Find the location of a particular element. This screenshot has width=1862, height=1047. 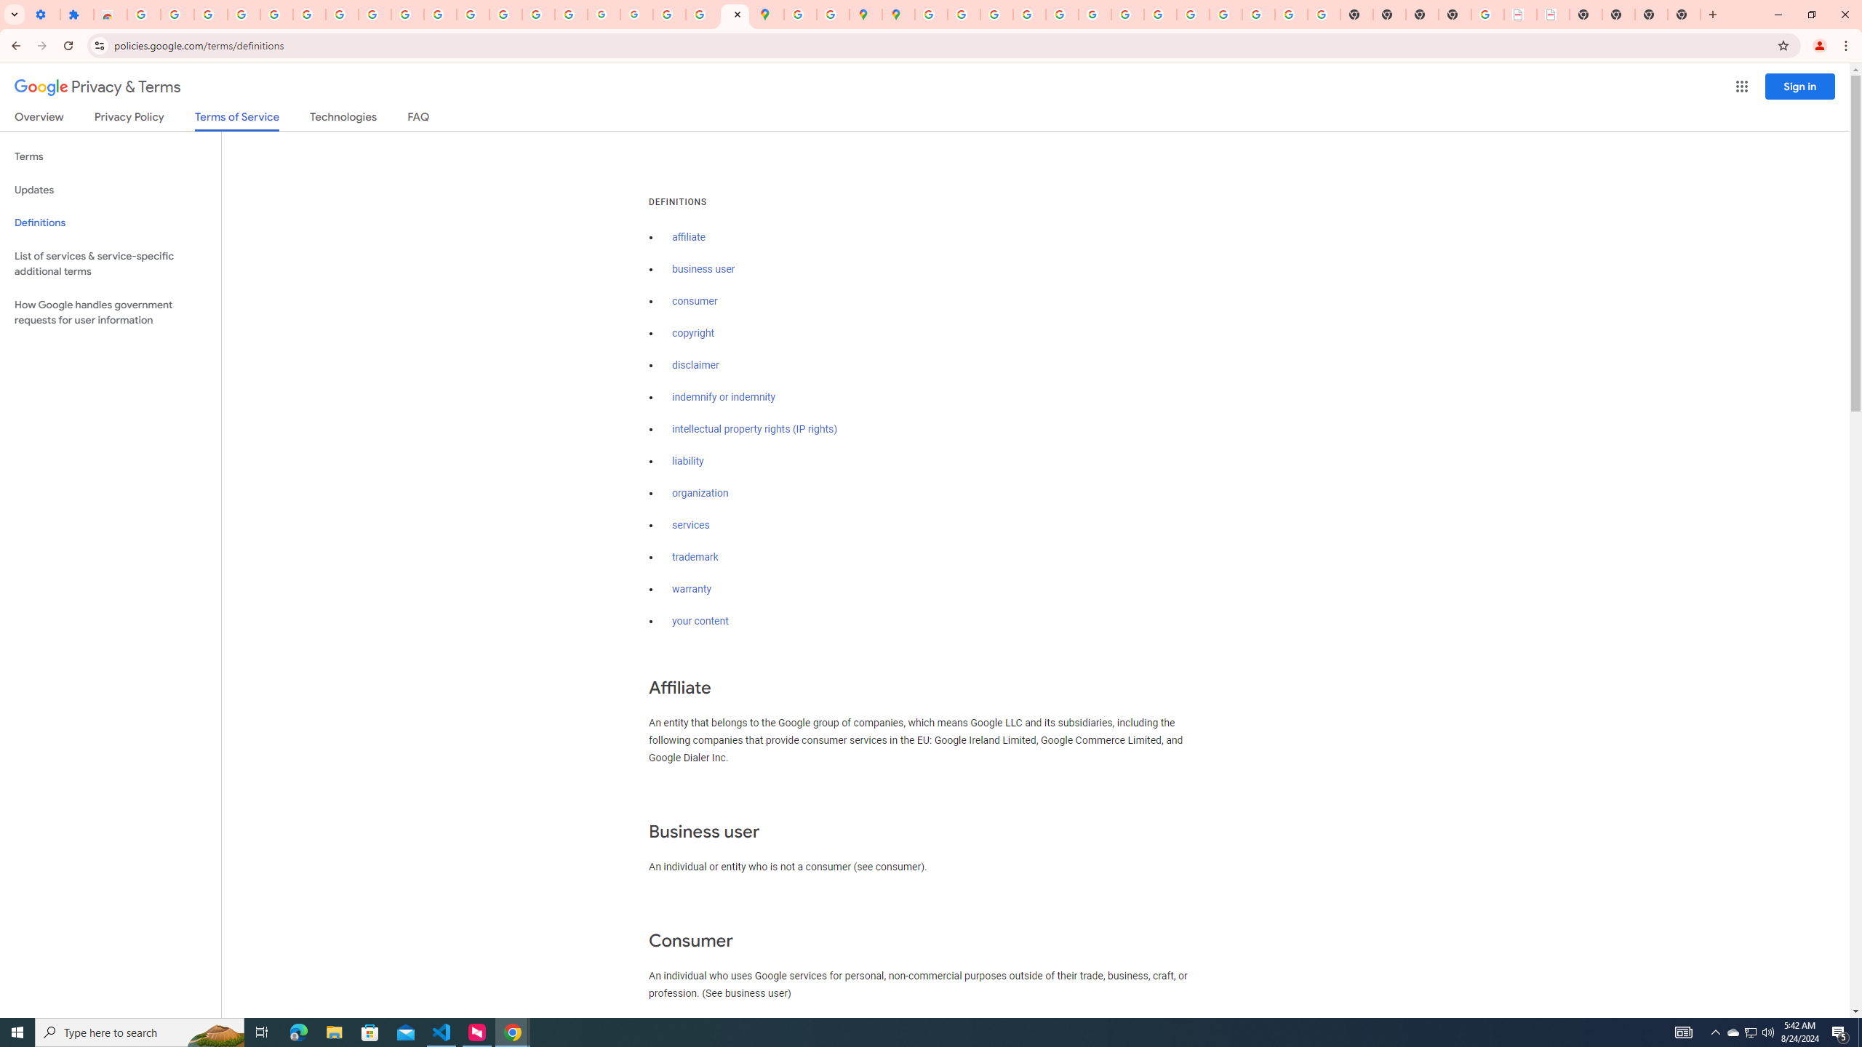

'Learn how to find your photos - Google Photos Help' is located at coordinates (243, 14).